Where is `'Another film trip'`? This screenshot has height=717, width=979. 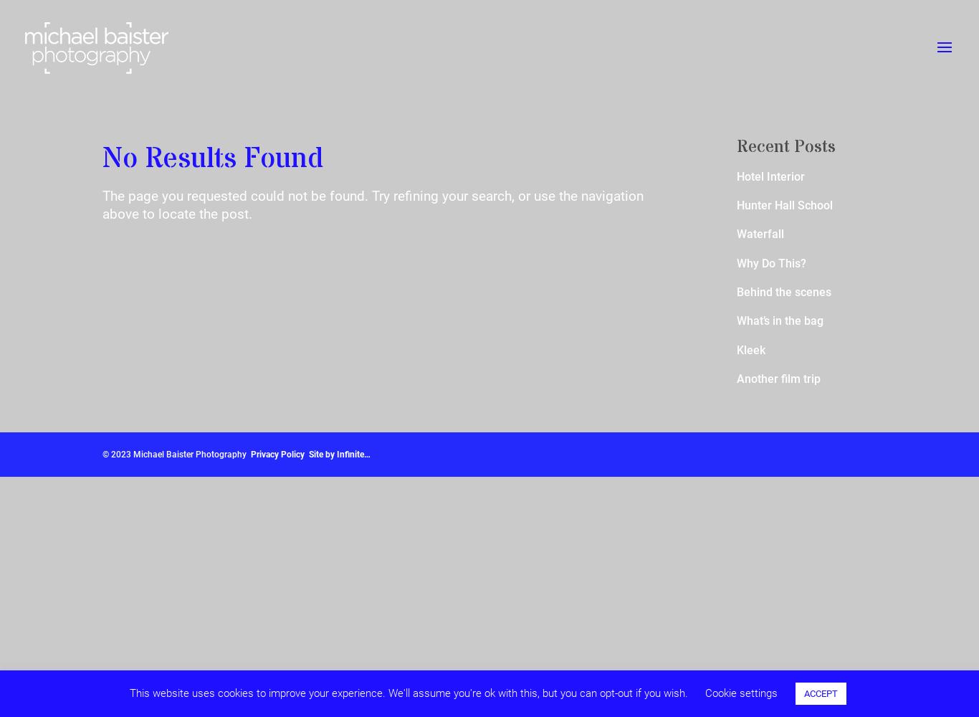
'Another film trip' is located at coordinates (777, 378).